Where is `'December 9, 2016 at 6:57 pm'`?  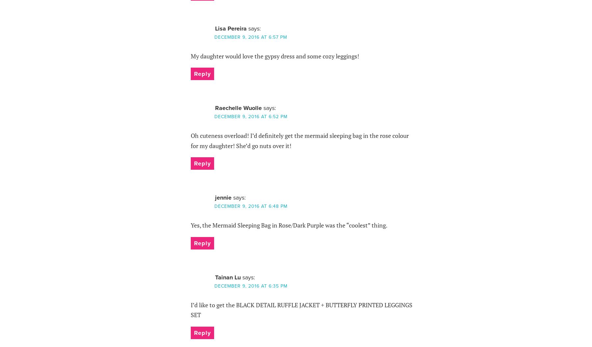
'December 9, 2016 at 6:57 pm' is located at coordinates (250, 36).